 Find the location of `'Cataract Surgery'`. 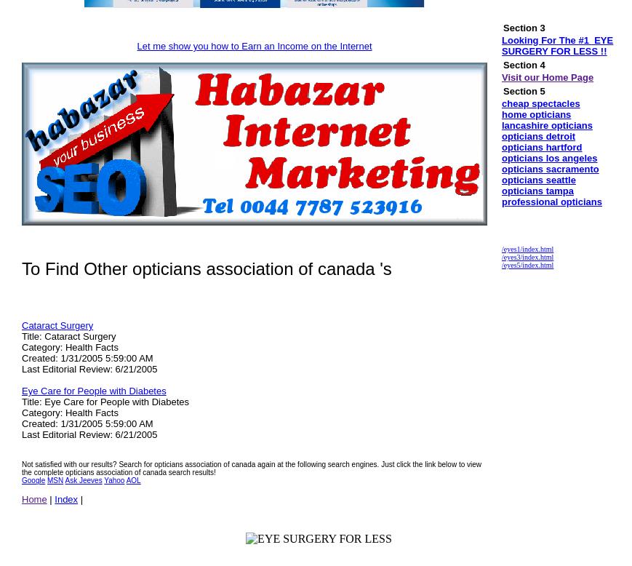

'Cataract Surgery' is located at coordinates (56, 325).